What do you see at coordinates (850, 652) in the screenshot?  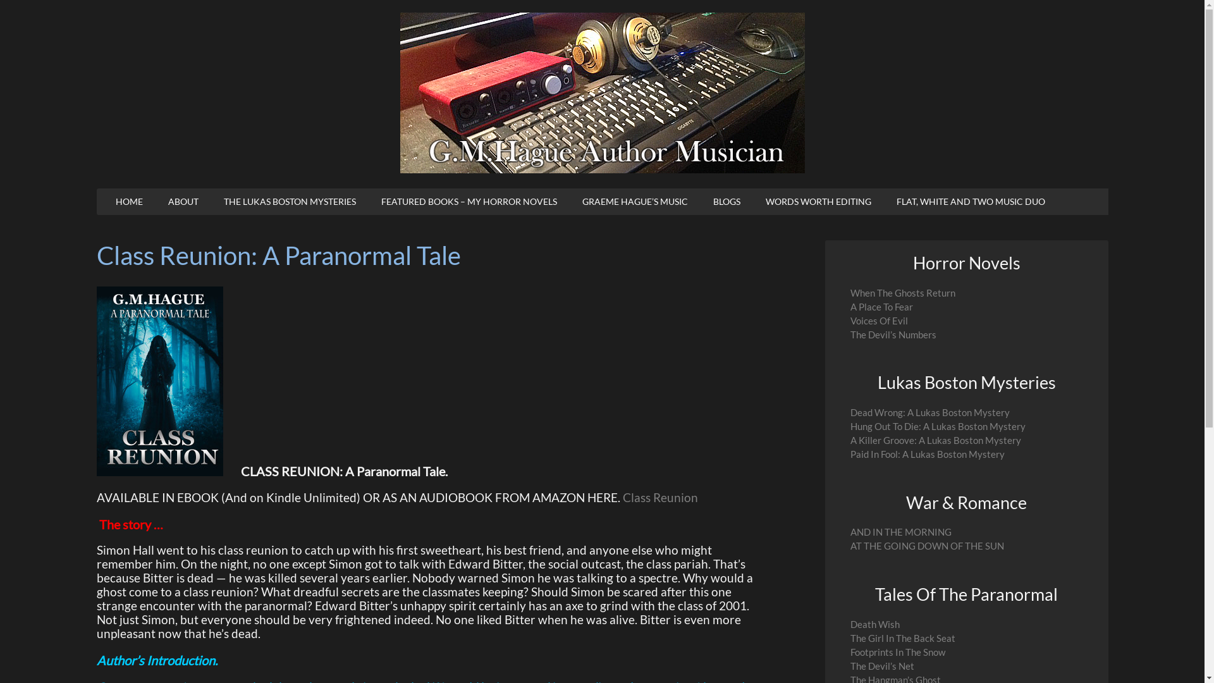 I see `'Footprints In The Snow'` at bounding box center [850, 652].